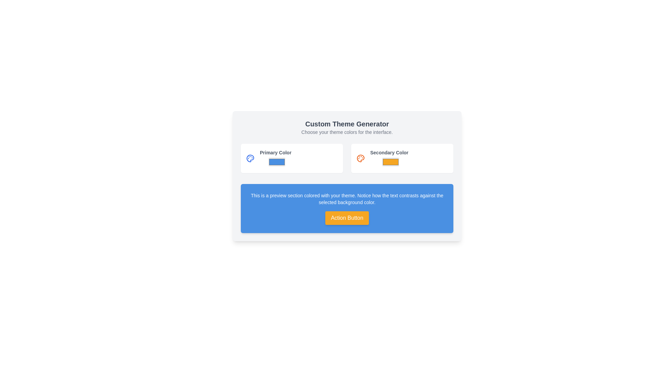 The width and height of the screenshot is (654, 368). I want to click on the Static text heading that serves as the section's title, located centrally at the upper part of the interface, so click(347, 124).